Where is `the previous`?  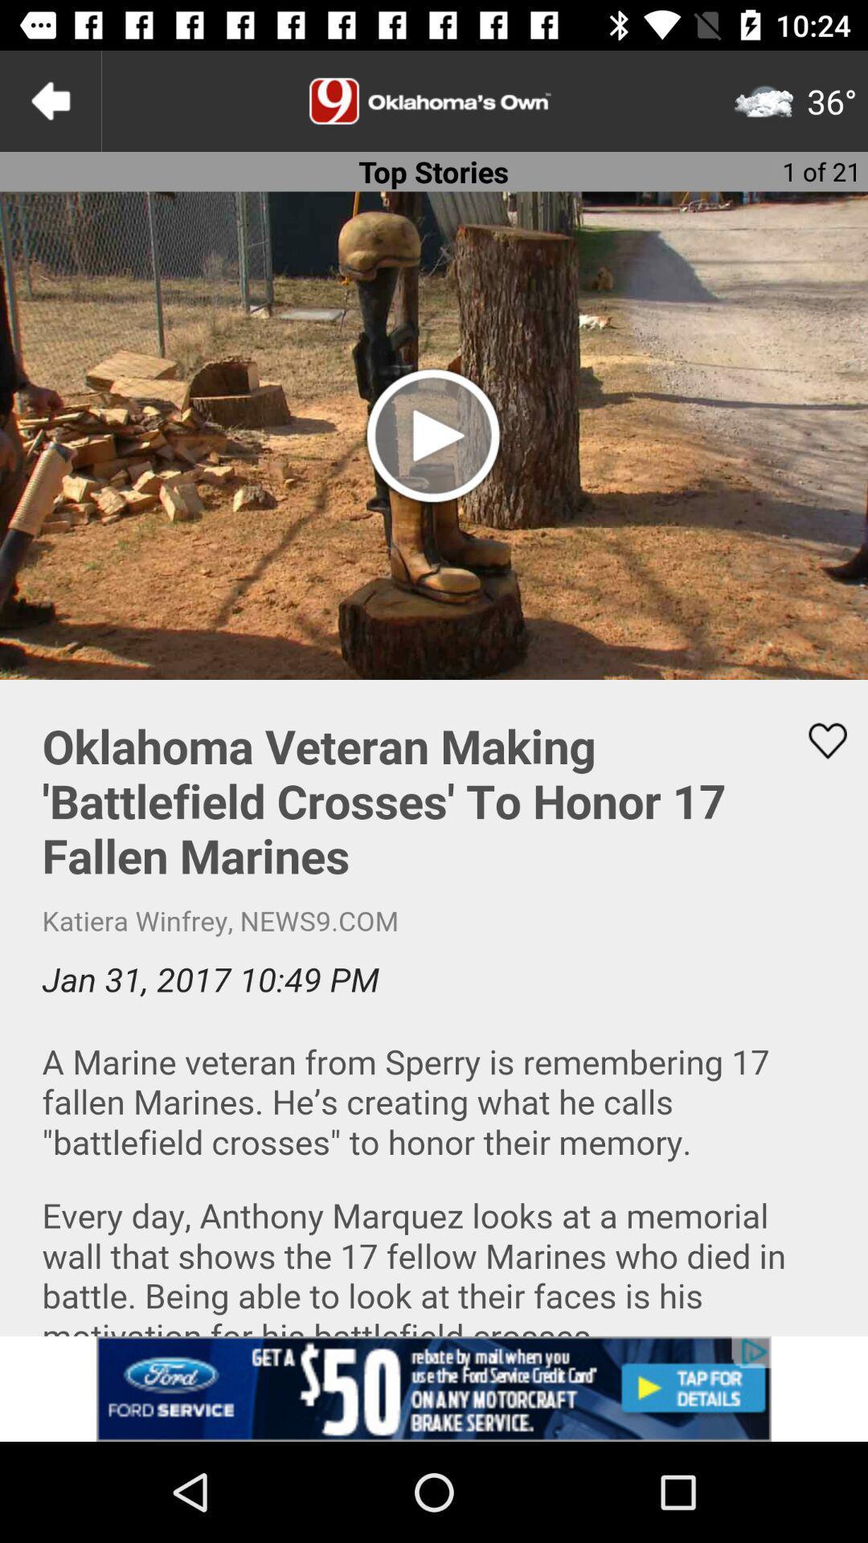 the previous is located at coordinates (49, 100).